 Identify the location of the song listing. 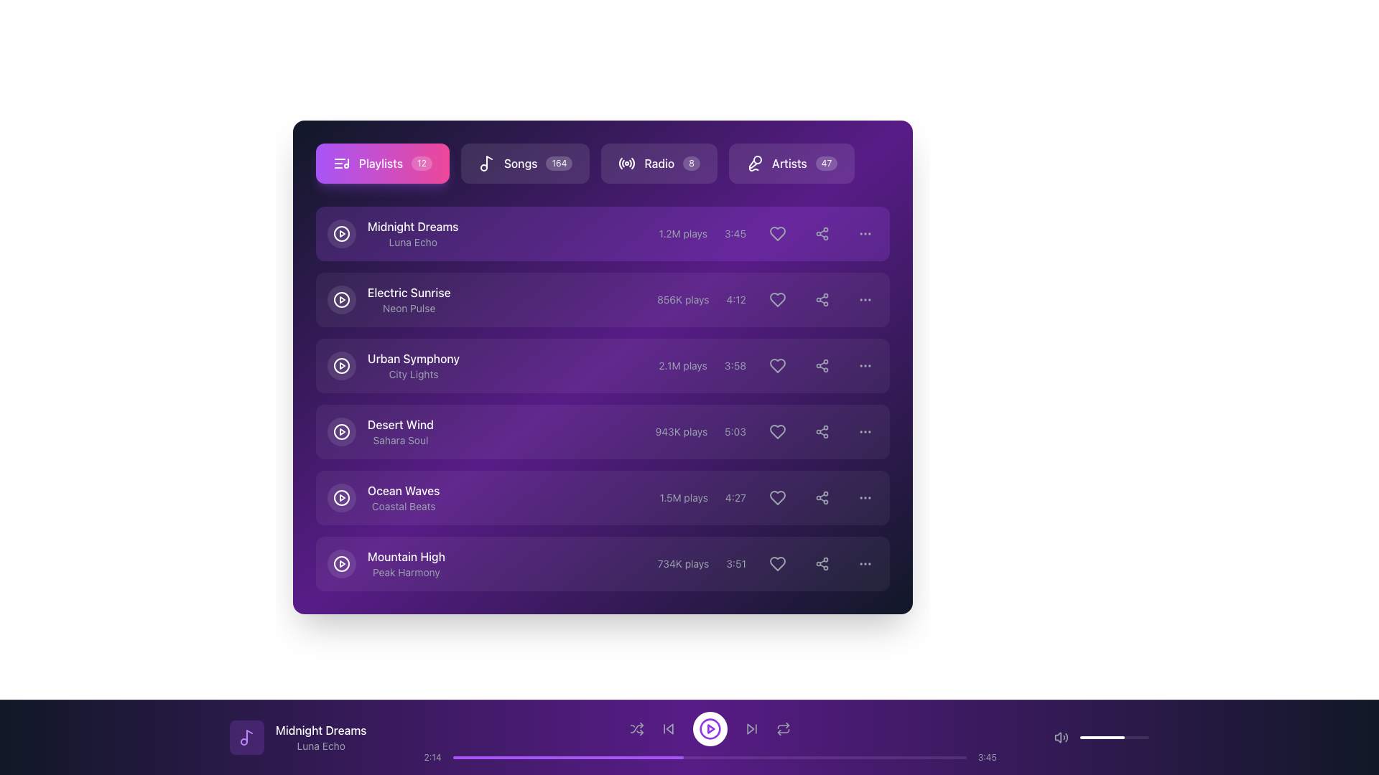
(400, 431).